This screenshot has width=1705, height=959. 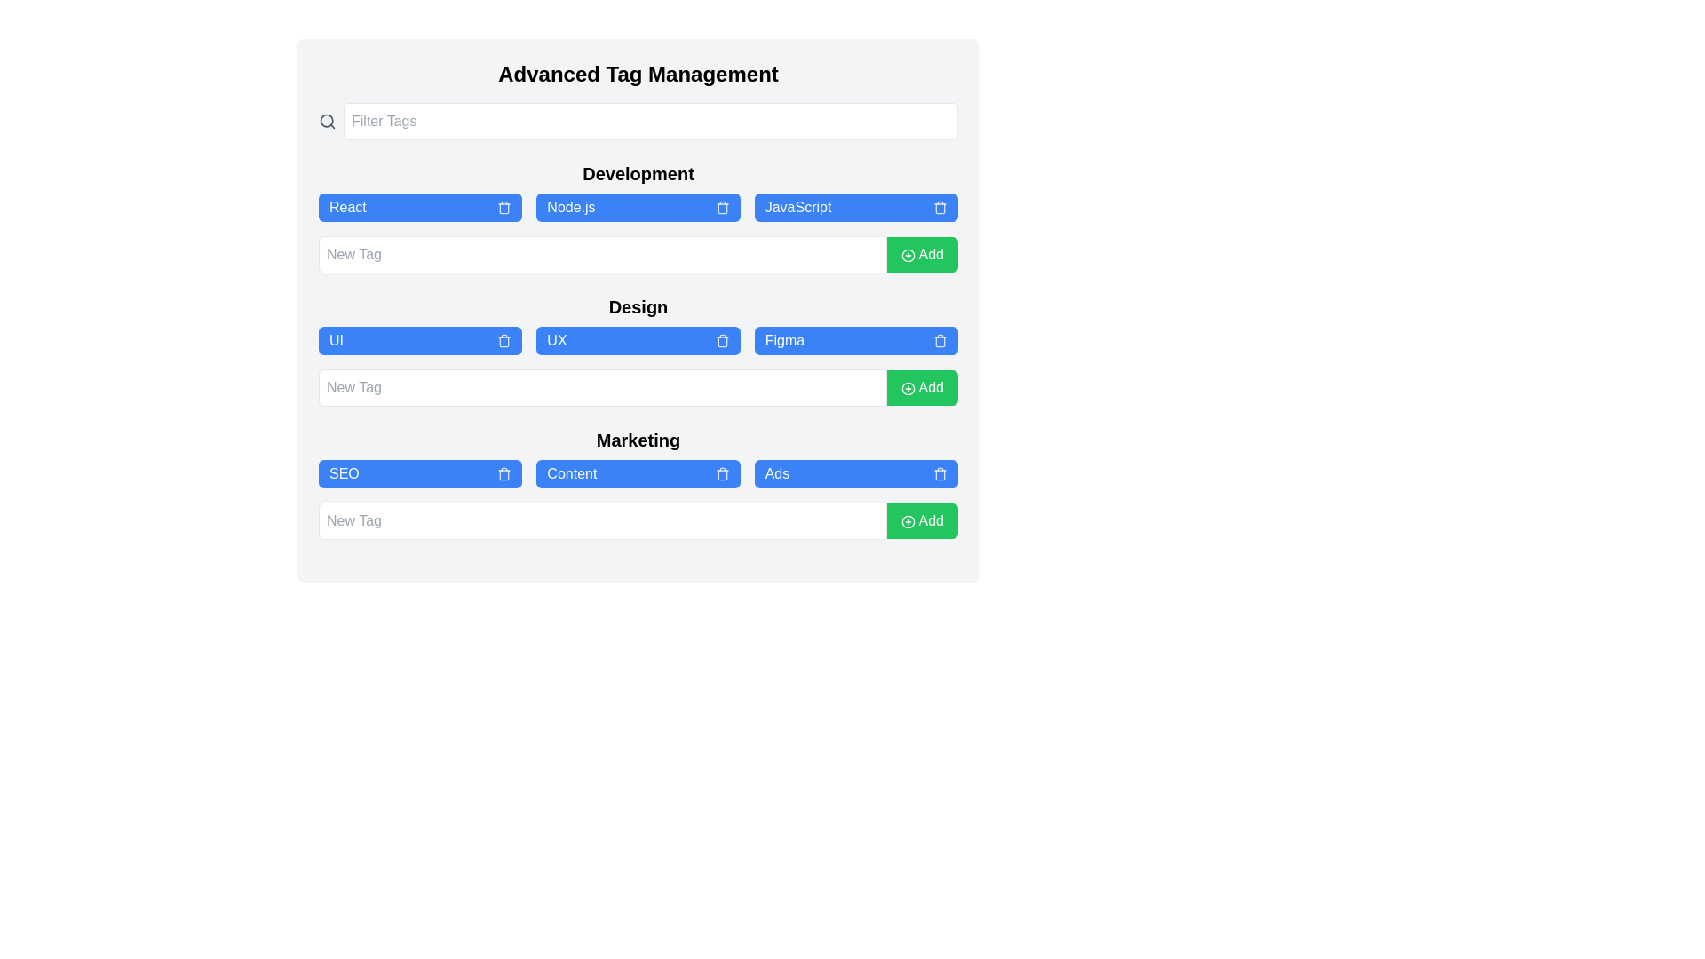 I want to click on the trash can icon button located in the 'Design' category, which is positioned to the right of the 'UX' label, so click(x=722, y=341).